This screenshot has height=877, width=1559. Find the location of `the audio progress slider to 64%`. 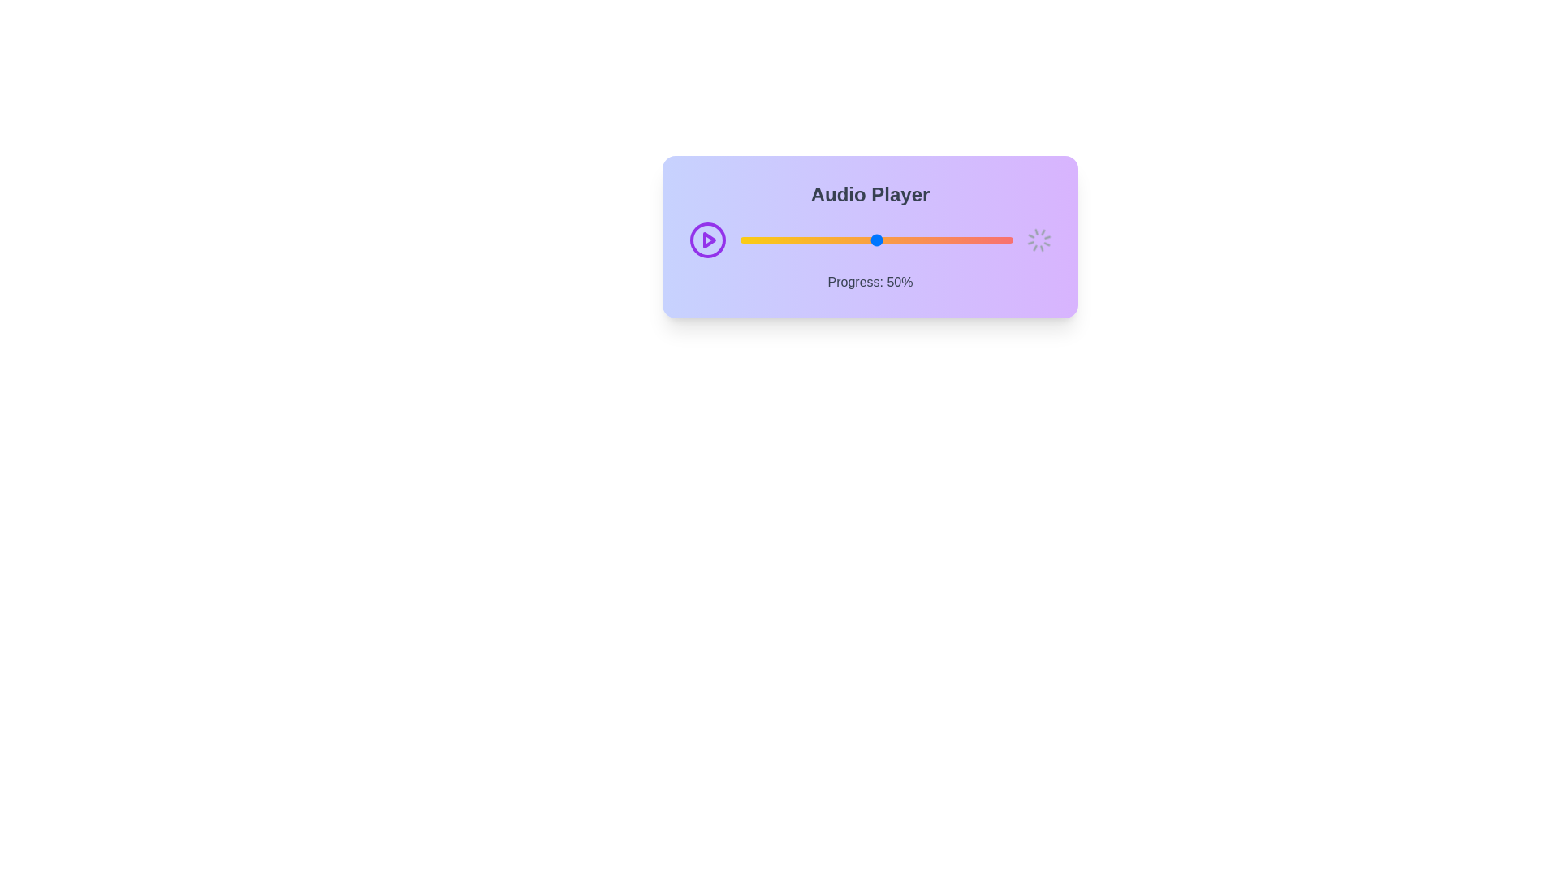

the audio progress slider to 64% is located at coordinates (915, 240).